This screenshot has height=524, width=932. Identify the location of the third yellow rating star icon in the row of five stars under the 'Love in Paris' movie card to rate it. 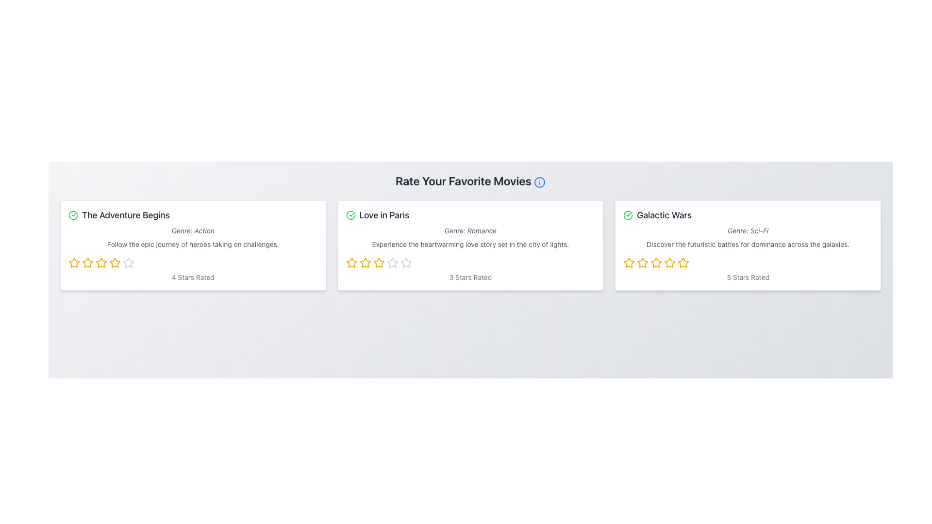
(365, 263).